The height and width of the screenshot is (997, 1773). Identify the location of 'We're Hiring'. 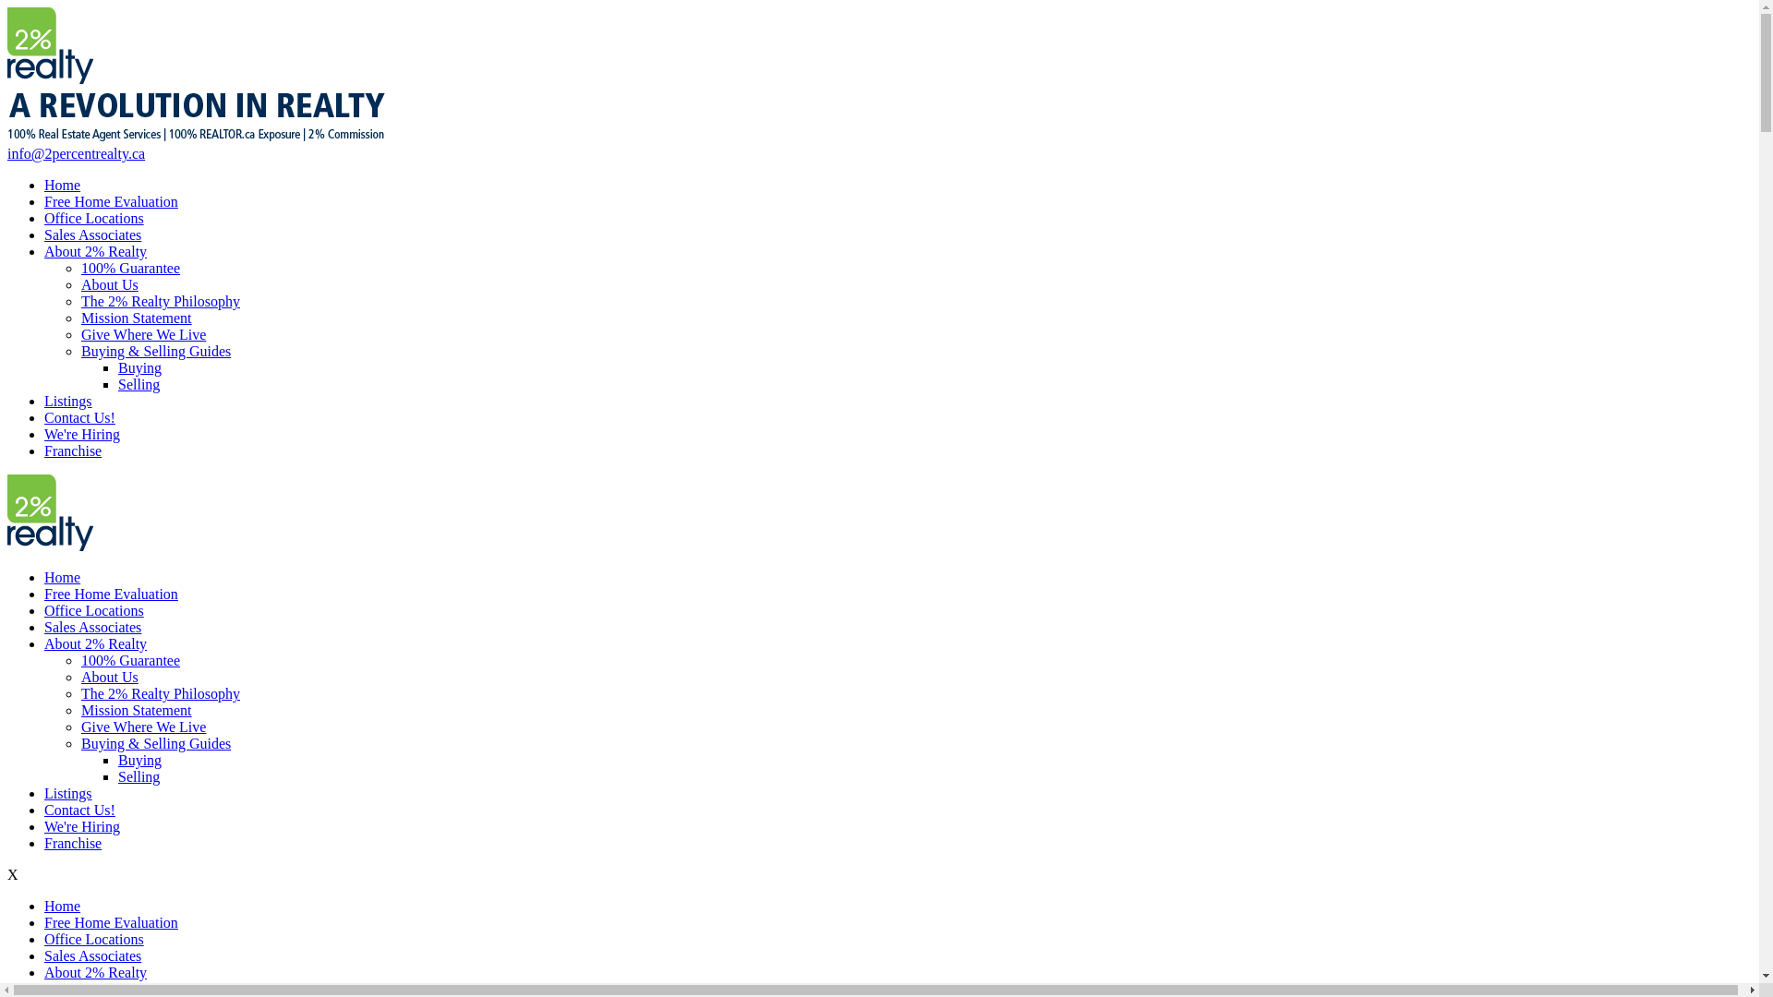
(81, 825).